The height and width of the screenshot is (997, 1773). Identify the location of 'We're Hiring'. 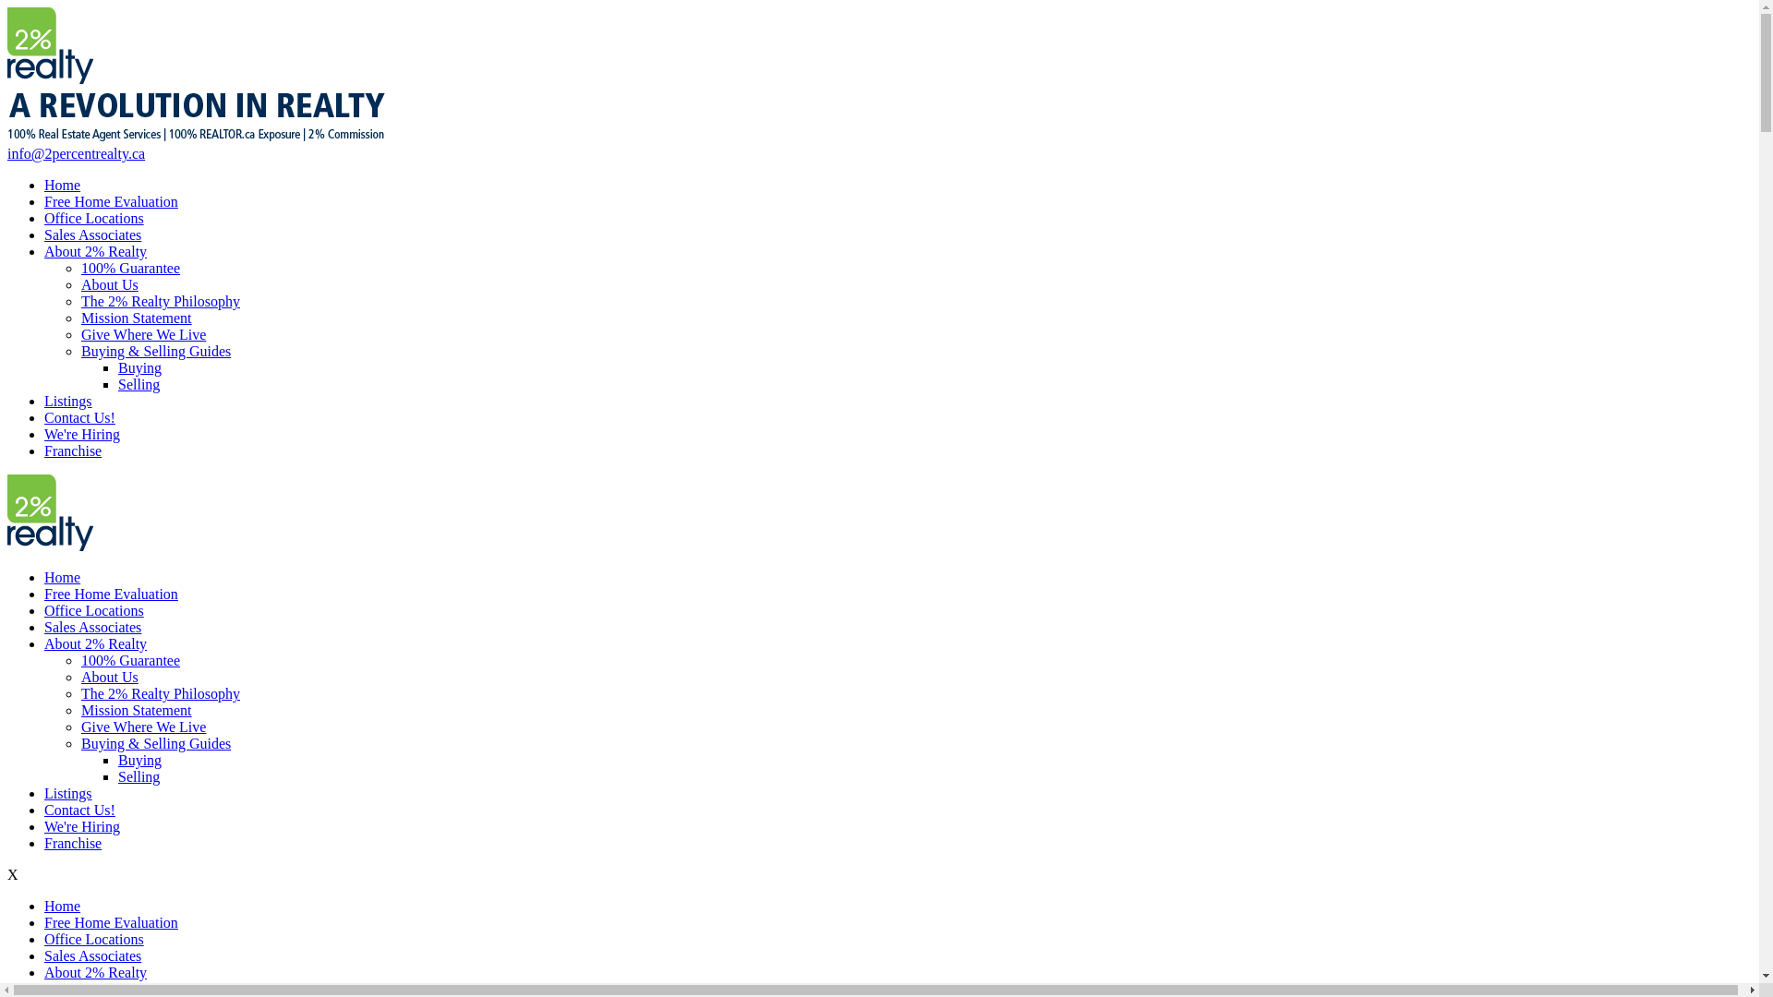
(81, 825).